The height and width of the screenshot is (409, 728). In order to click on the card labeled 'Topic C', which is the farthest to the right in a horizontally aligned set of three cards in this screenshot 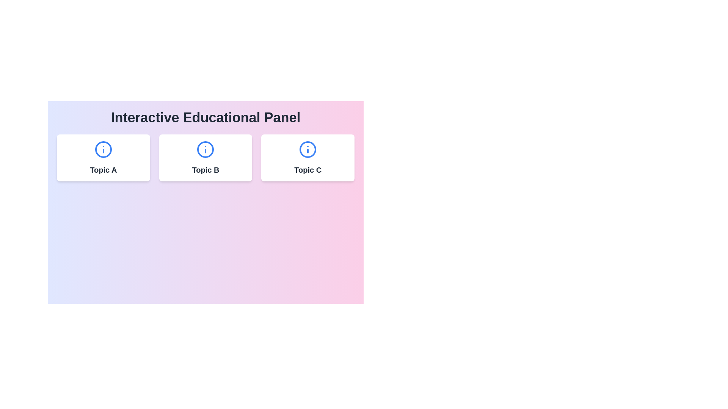, I will do `click(308, 157)`.